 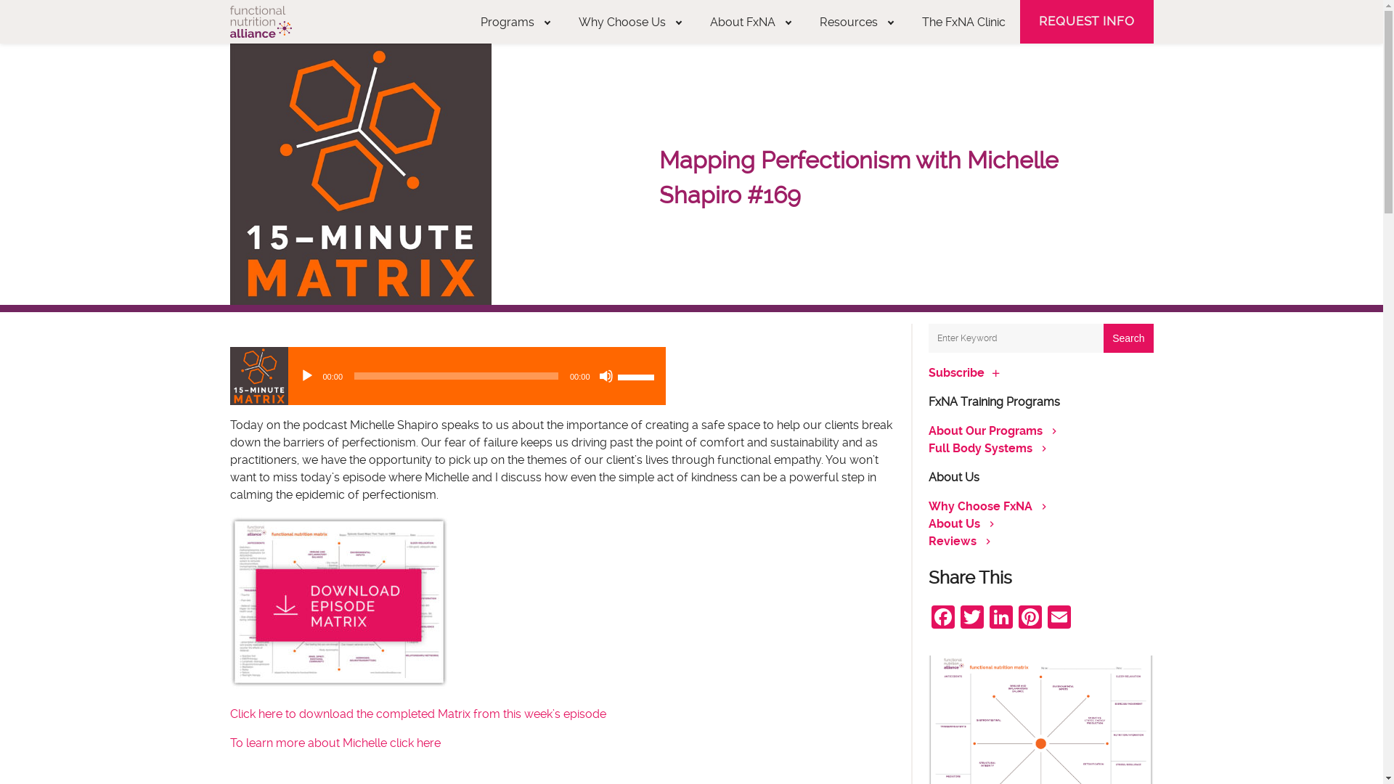 I want to click on 'Subscribe', so click(x=926, y=372).